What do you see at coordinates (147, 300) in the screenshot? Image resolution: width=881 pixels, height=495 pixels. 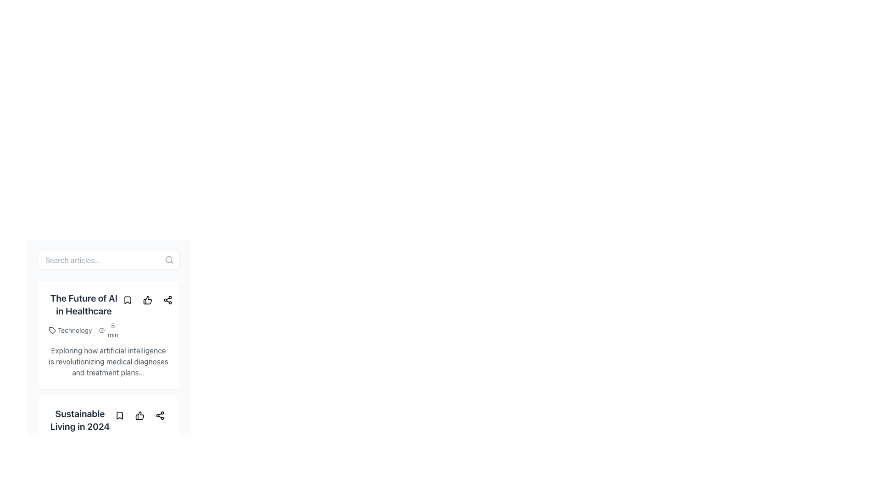 I see `the thumbs-up icon, which is the second icon in the row of three icons (bookmark, thumbs-up, share) located in the top-right corner of the article card titled 'The Future of AI in Healthcare'` at bounding box center [147, 300].